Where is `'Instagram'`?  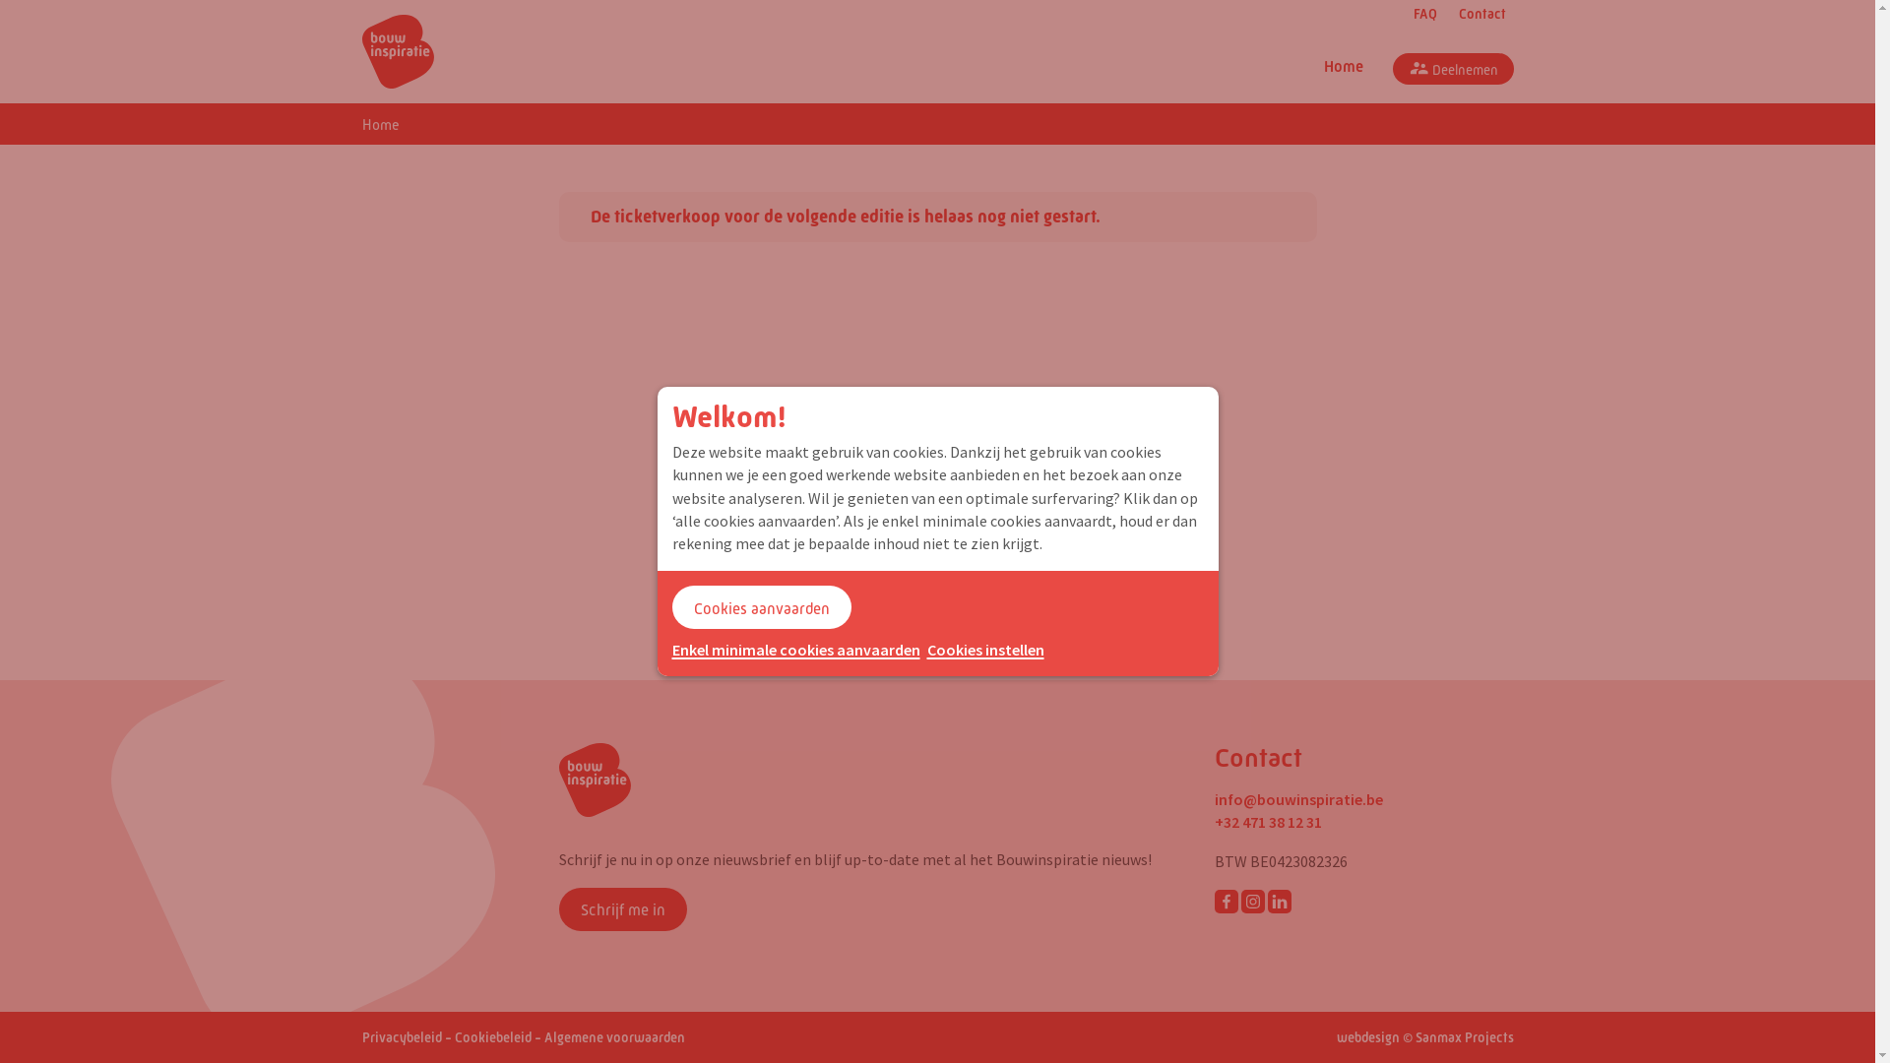 'Instagram' is located at coordinates (1251, 901).